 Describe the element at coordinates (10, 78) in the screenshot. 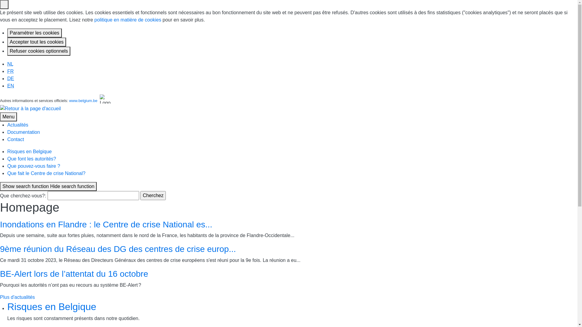

I see `'DE'` at that location.